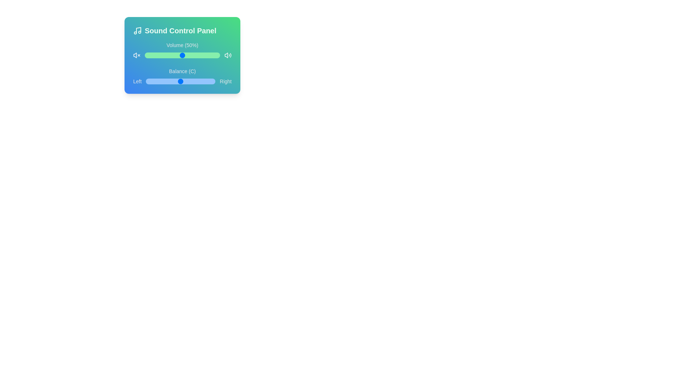  I want to click on the sound volume SVG icon located at the far right of the sound control panel, so click(227, 55).